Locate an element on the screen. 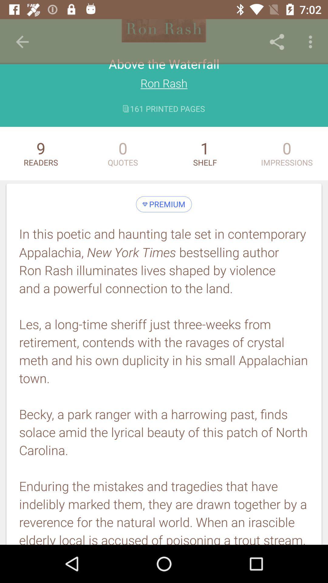  the item above the impressions is located at coordinates (312, 42).